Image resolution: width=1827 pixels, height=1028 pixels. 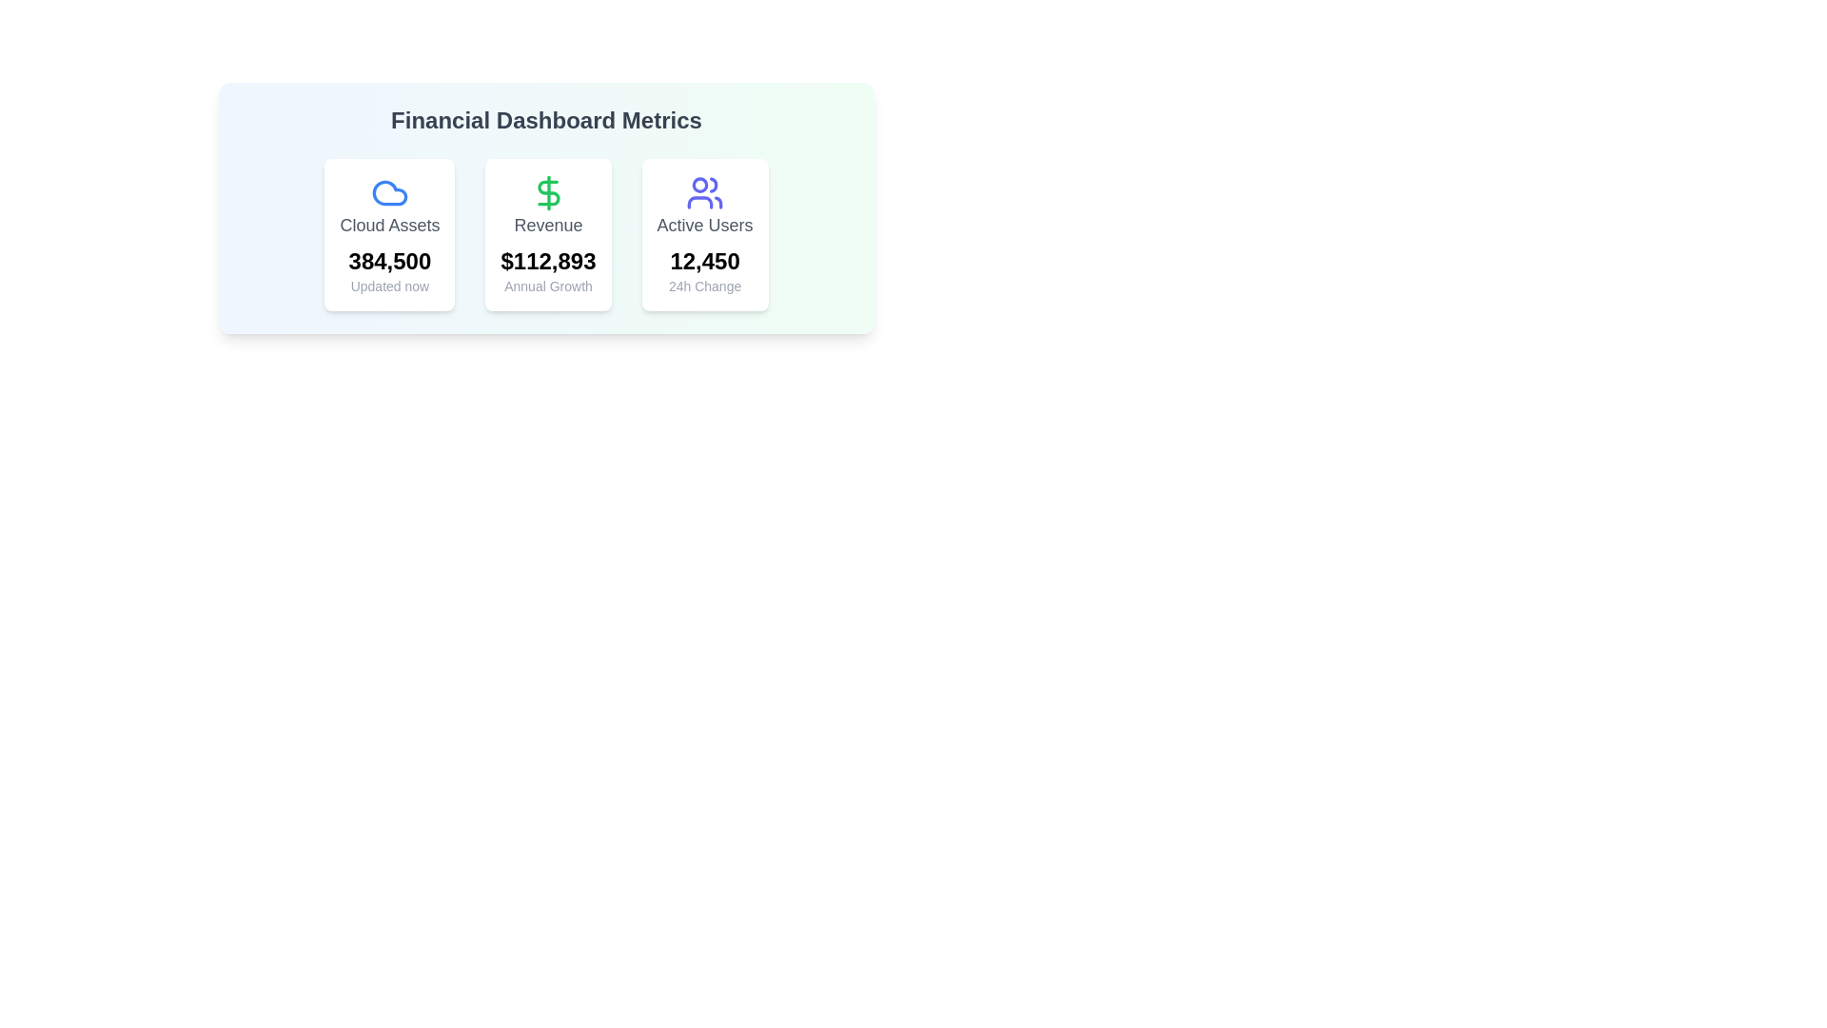 I want to click on the green dollar sign icon representing revenue, located in the middle card of the 'Revenue' metrics section, positioned above the revenue amount displayed as '$112,893', so click(x=547, y=193).